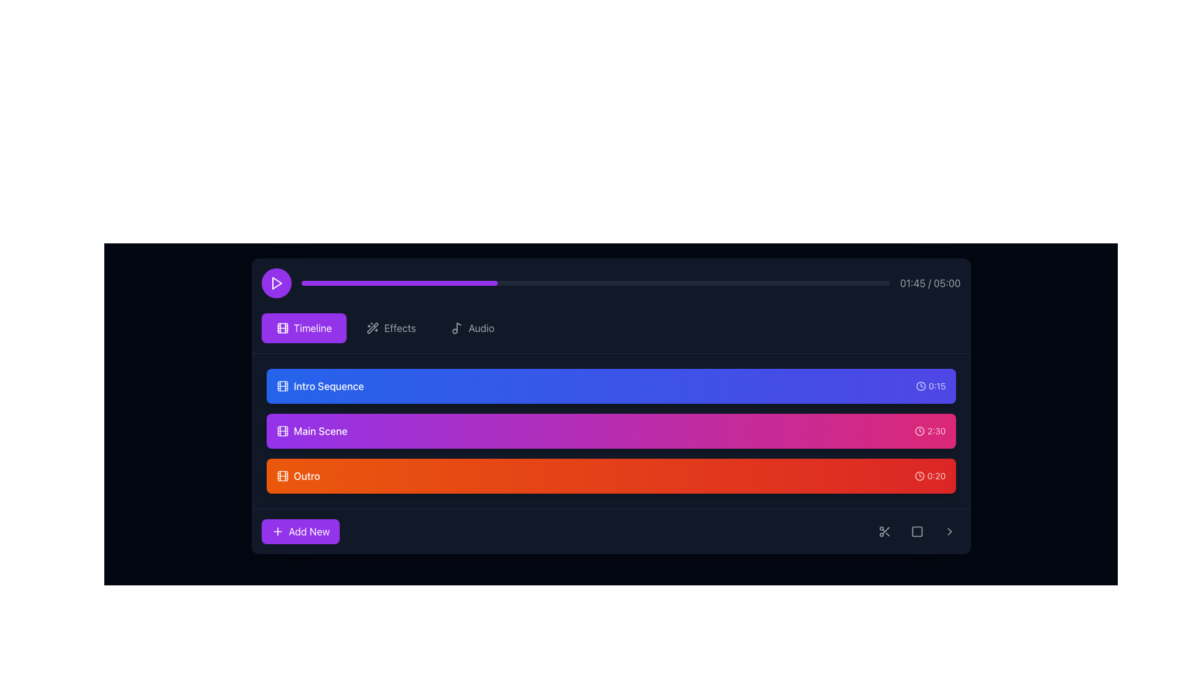 The width and height of the screenshot is (1199, 674). I want to click on the clock icon located to the left of the text '0:15', which is part of the 'Intro Sequence' item in the list, so click(920, 385).